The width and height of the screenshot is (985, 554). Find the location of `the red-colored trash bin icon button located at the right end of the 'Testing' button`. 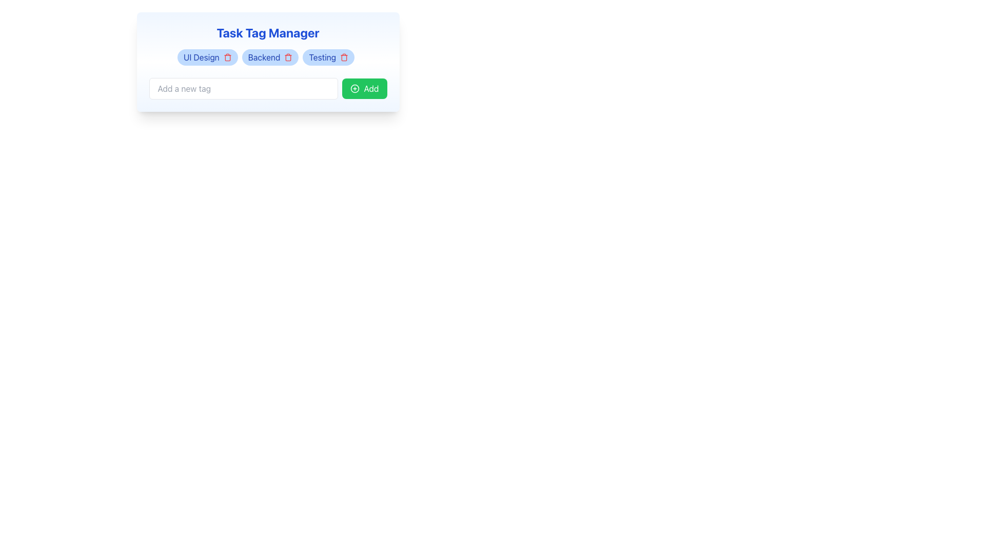

the red-colored trash bin icon button located at the right end of the 'Testing' button is located at coordinates (344, 57).